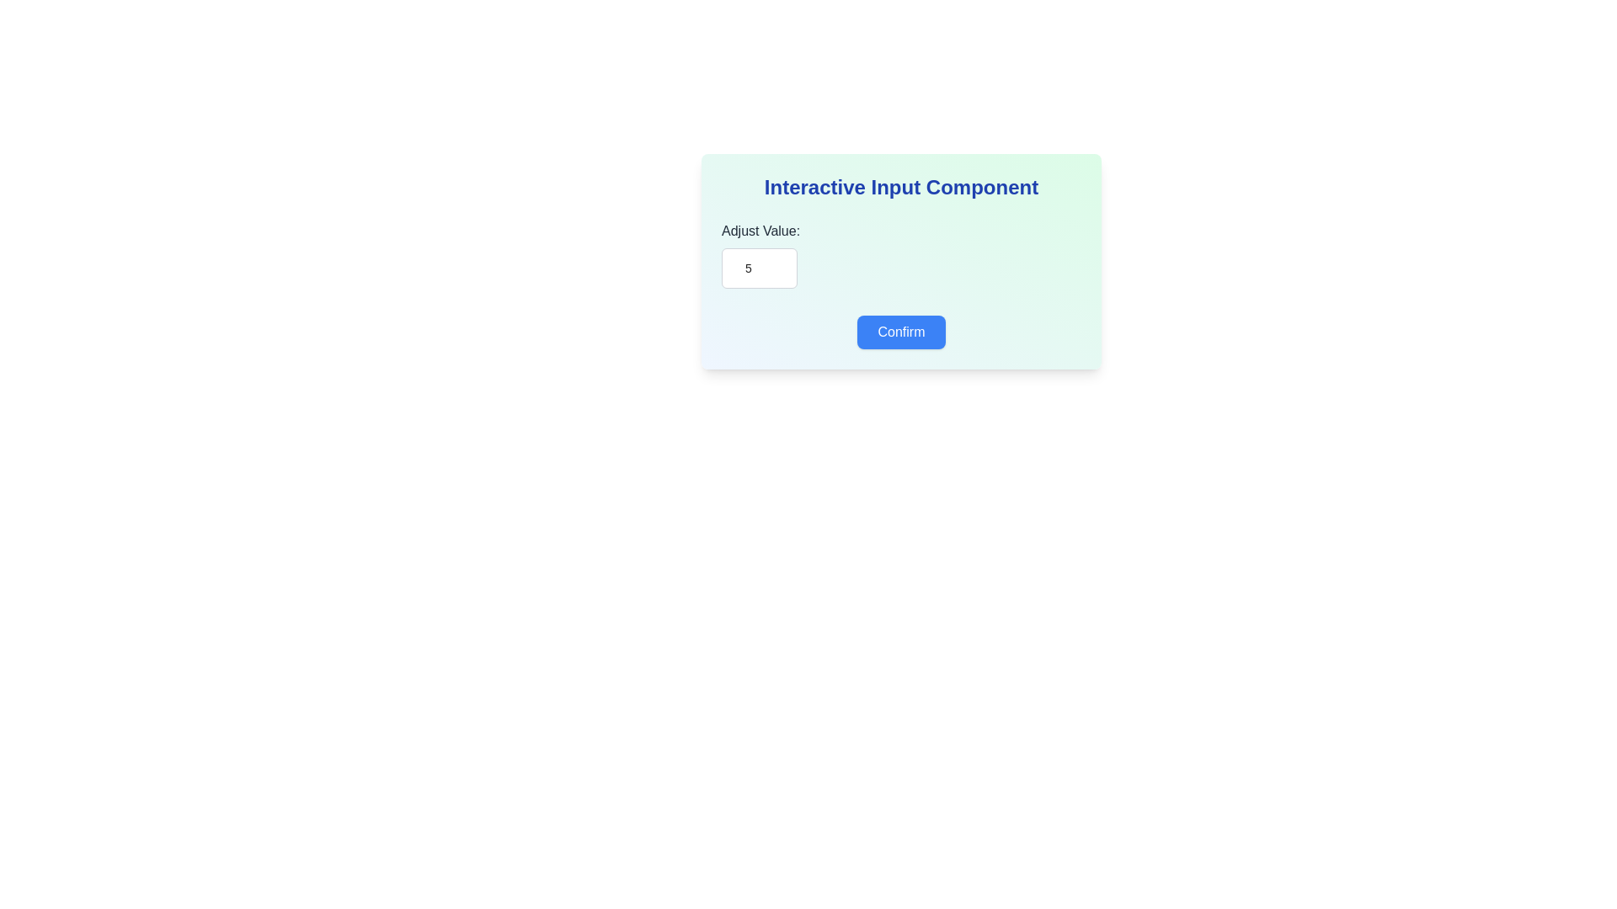 This screenshot has height=909, width=1617. I want to click on the text label that serves as the header or identifier for the content below it, located at the top center of the panel, so click(900, 188).